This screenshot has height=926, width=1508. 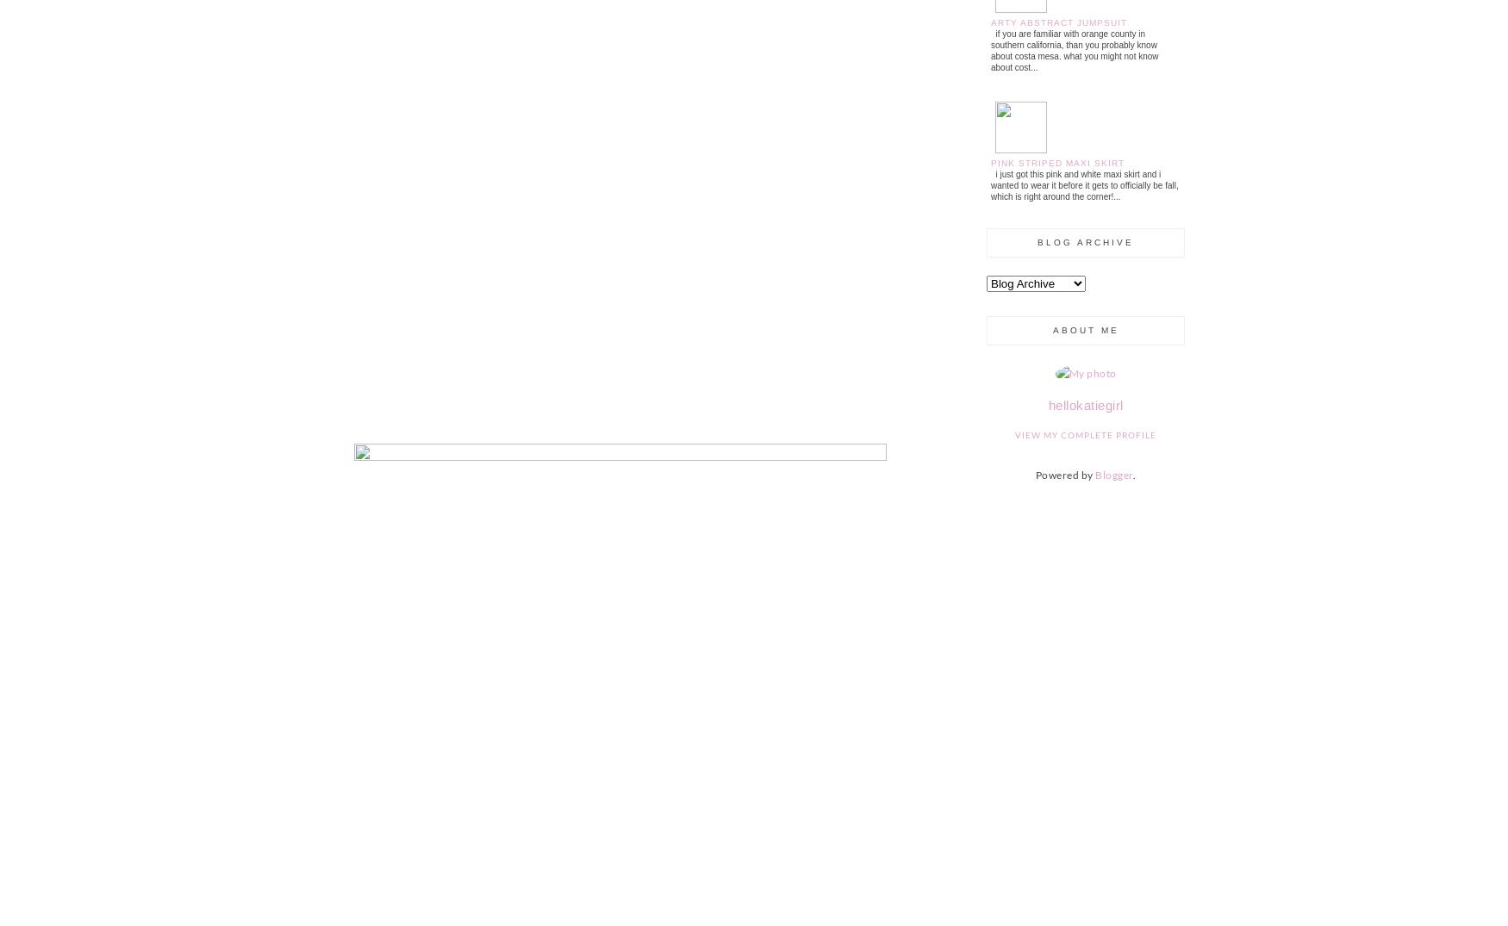 What do you see at coordinates (1059, 21) in the screenshot?
I see `'Arty Abstract Jumpsuit'` at bounding box center [1059, 21].